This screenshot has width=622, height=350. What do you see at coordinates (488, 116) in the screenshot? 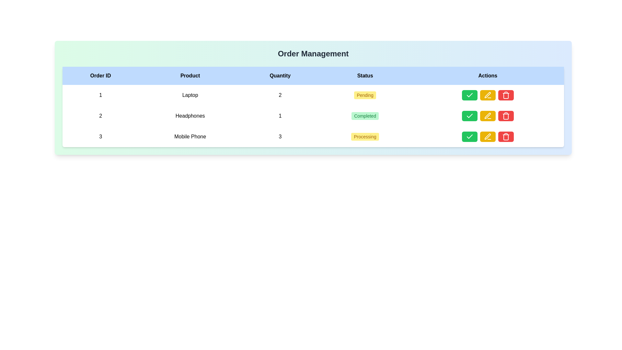
I see `the yellow button with a pencil icon in the Actions column of the second row for the product 'Headphones'` at bounding box center [488, 116].